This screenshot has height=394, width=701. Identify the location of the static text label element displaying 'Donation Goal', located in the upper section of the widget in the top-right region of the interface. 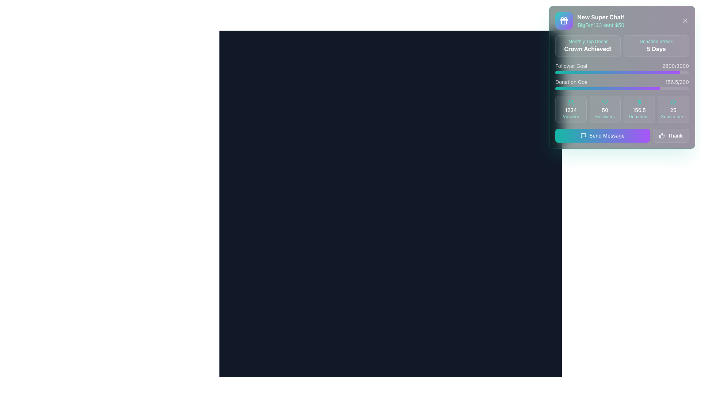
(571, 82).